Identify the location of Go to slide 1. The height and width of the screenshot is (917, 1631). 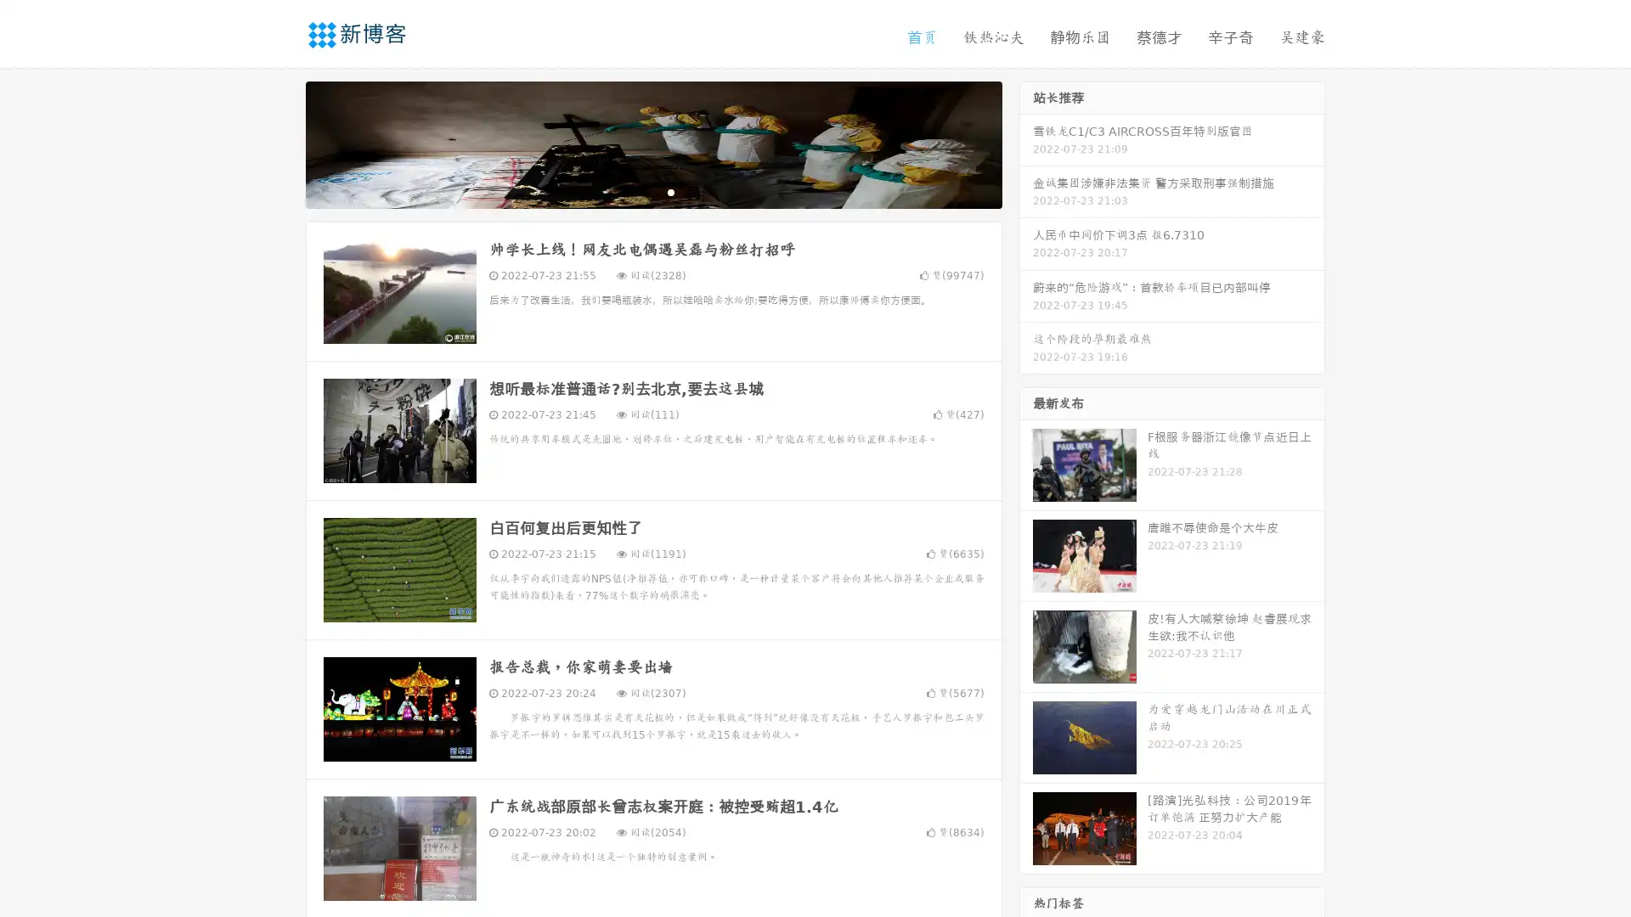
(635, 191).